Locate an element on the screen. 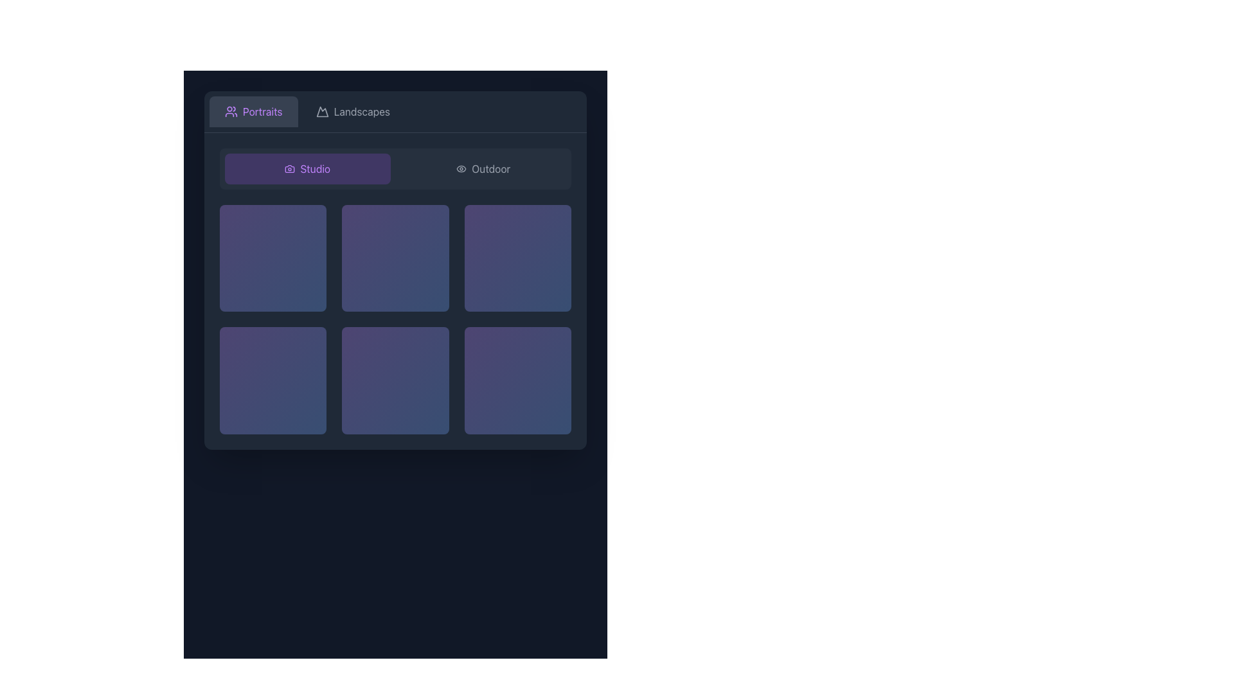 The width and height of the screenshot is (1234, 694). the 'Photo Title 1' card in the Portraits section is located at coordinates (273, 258).